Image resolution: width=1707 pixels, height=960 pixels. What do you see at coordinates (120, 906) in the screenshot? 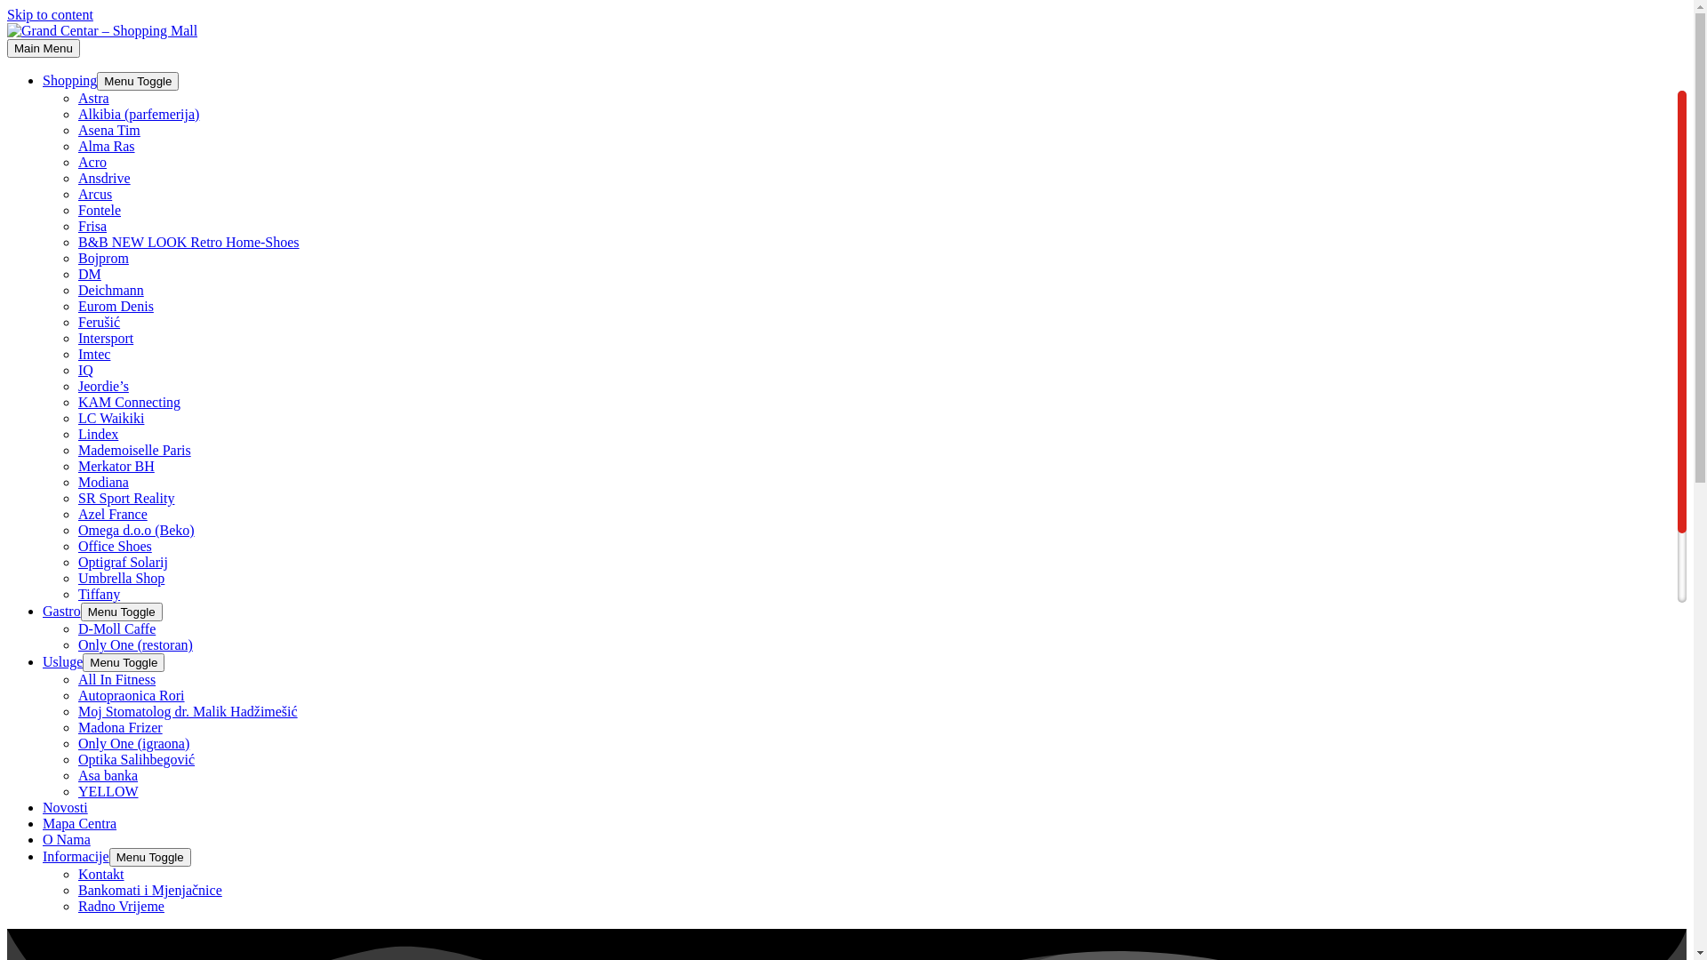
I see `'Radno Vrijeme'` at bounding box center [120, 906].